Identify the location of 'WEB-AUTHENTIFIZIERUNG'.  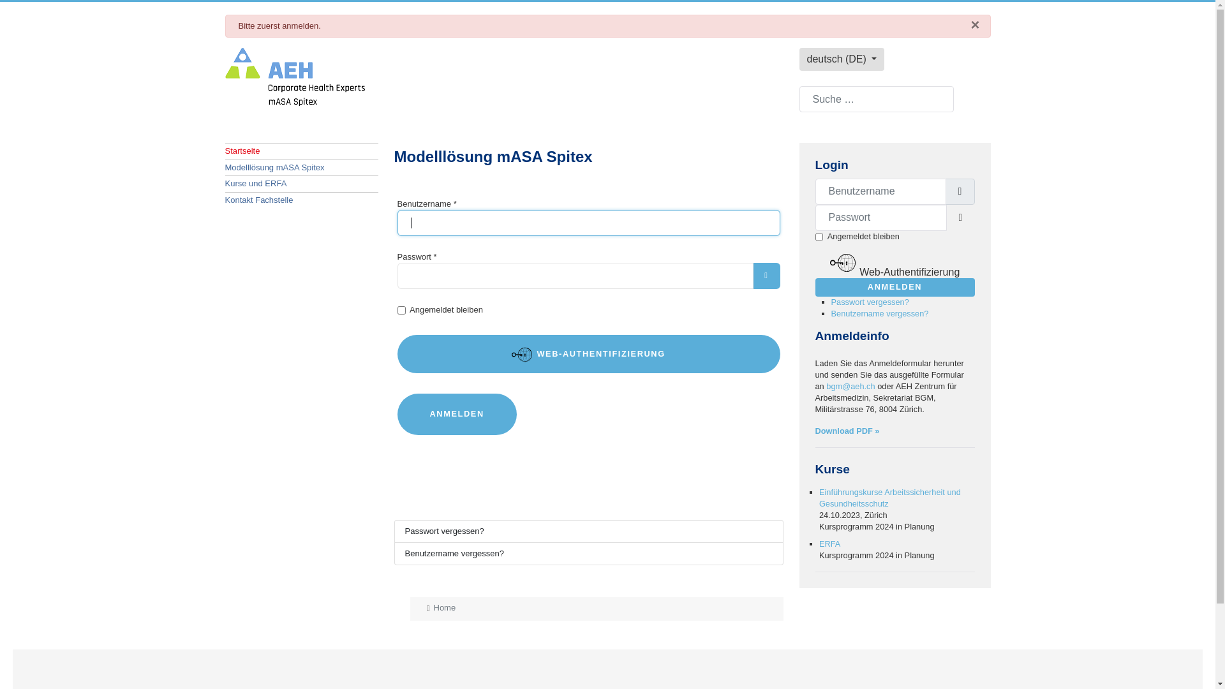
(587, 354).